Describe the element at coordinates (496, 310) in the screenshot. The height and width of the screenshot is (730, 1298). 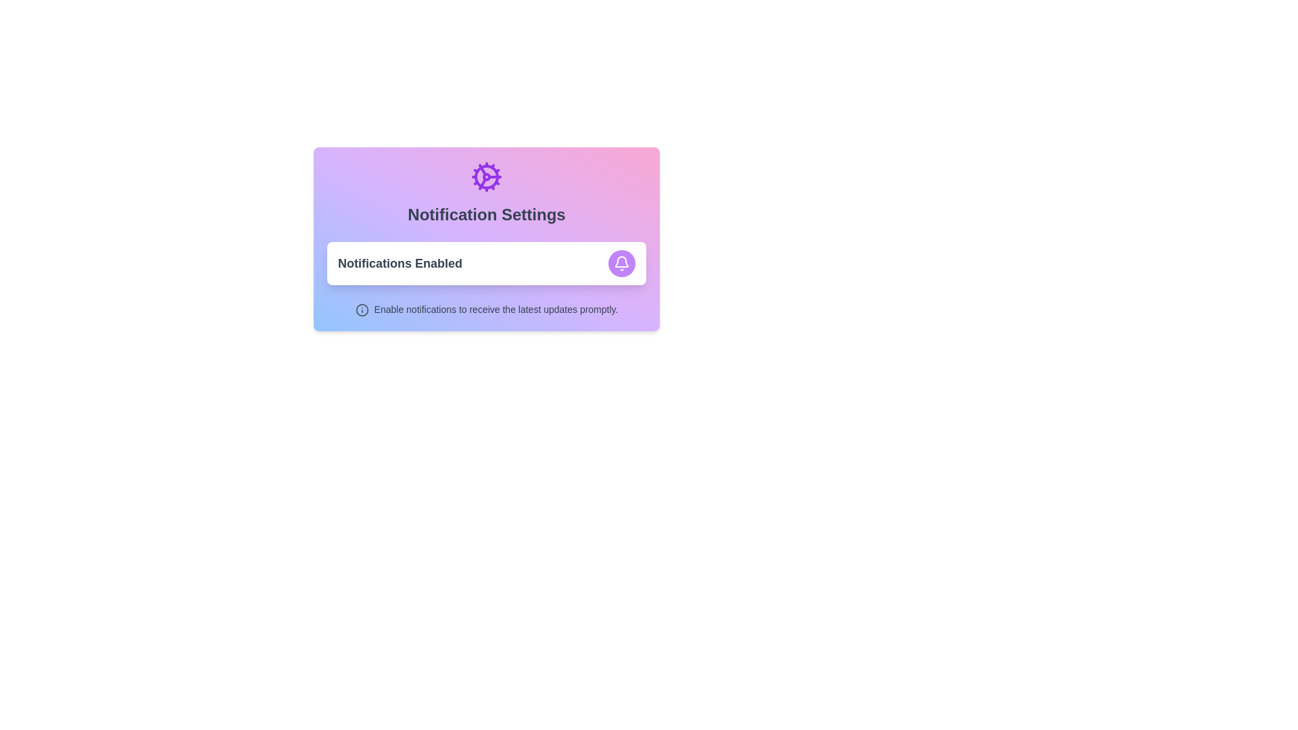
I see `the informational text located beneath the text input field for enabling notifications, which provides benefits of enabling notifications, adjacent to the info icon` at that location.